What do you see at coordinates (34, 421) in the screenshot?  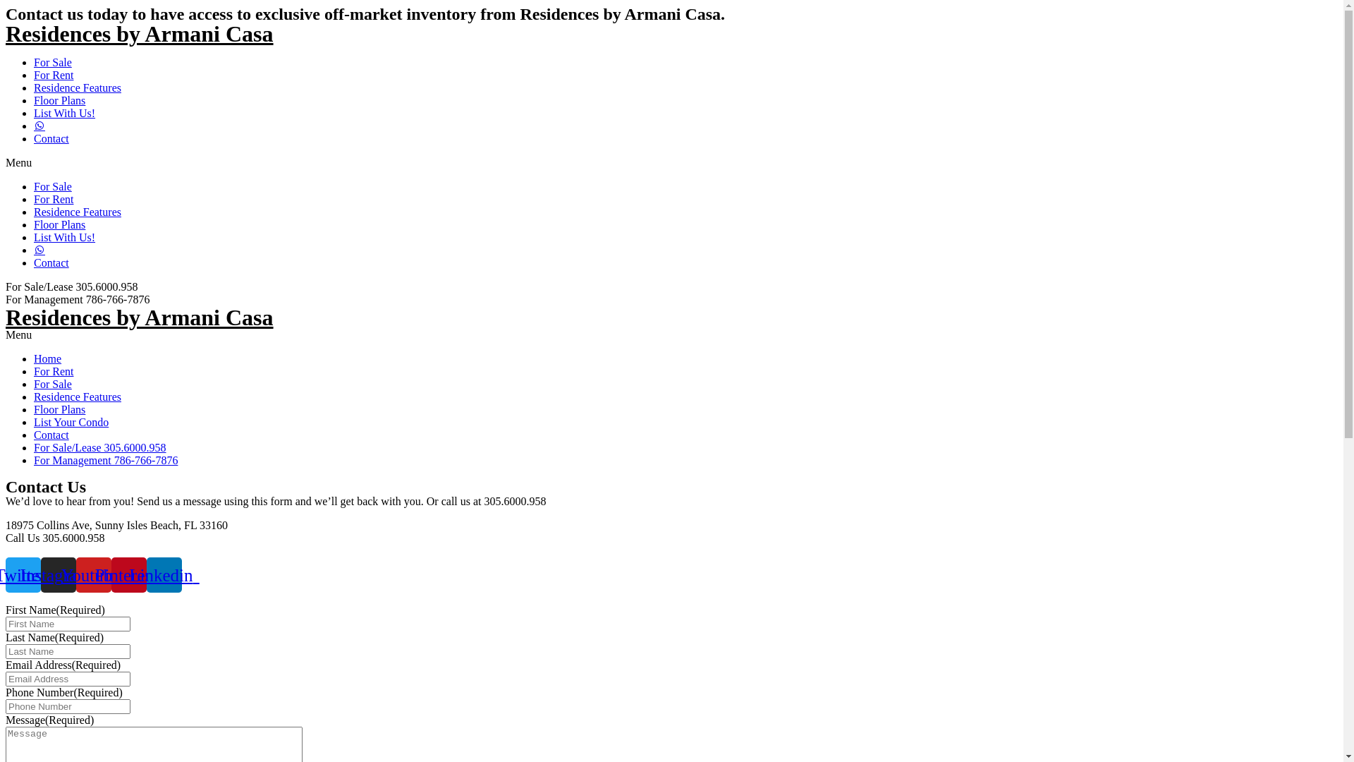 I see `'List Your Condo'` at bounding box center [34, 421].